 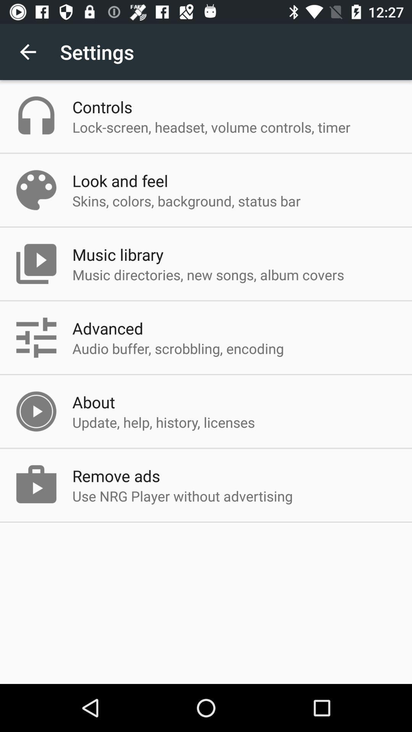 I want to click on the item above the use nrg player app, so click(x=116, y=475).